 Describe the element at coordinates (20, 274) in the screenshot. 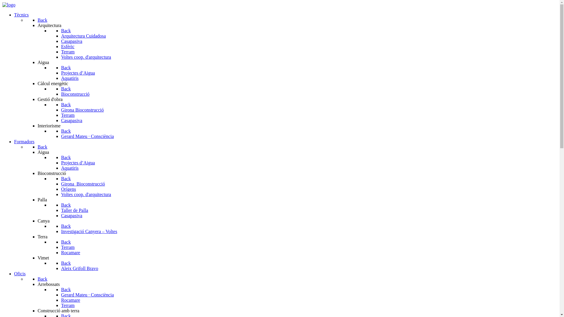

I see `'Oficis'` at that location.